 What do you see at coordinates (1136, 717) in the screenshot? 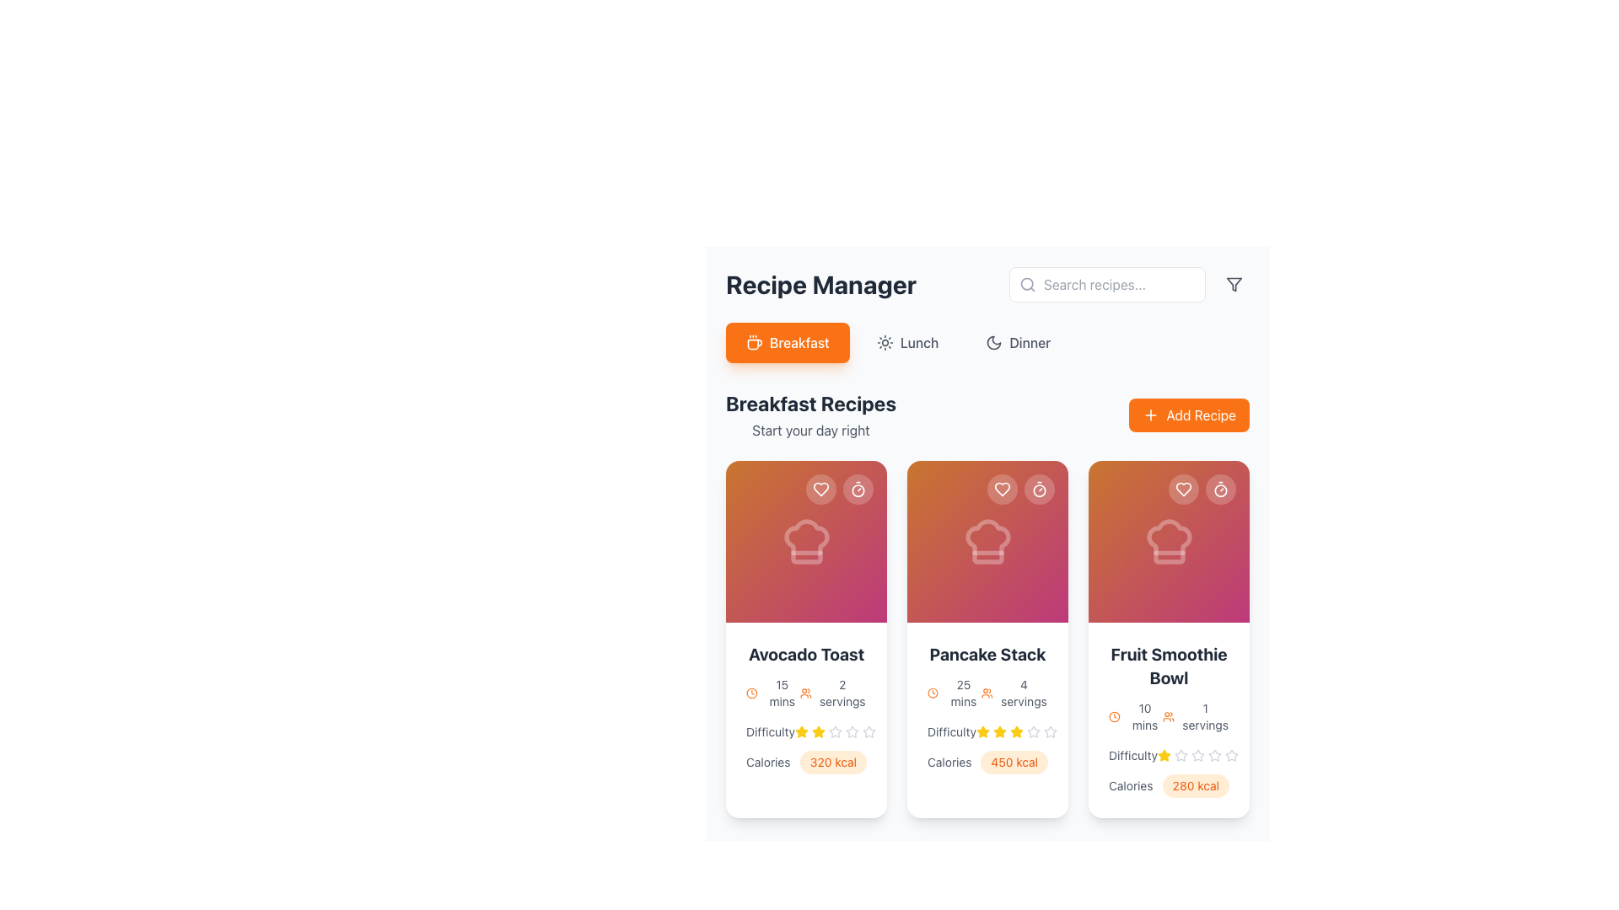
I see `the icon associated with the preparation time label indicating '10 minutes' located in the 'Fruit Smoothie Bowl' card, positioned above the 'Difficulty' and 'Calories' sections` at bounding box center [1136, 717].